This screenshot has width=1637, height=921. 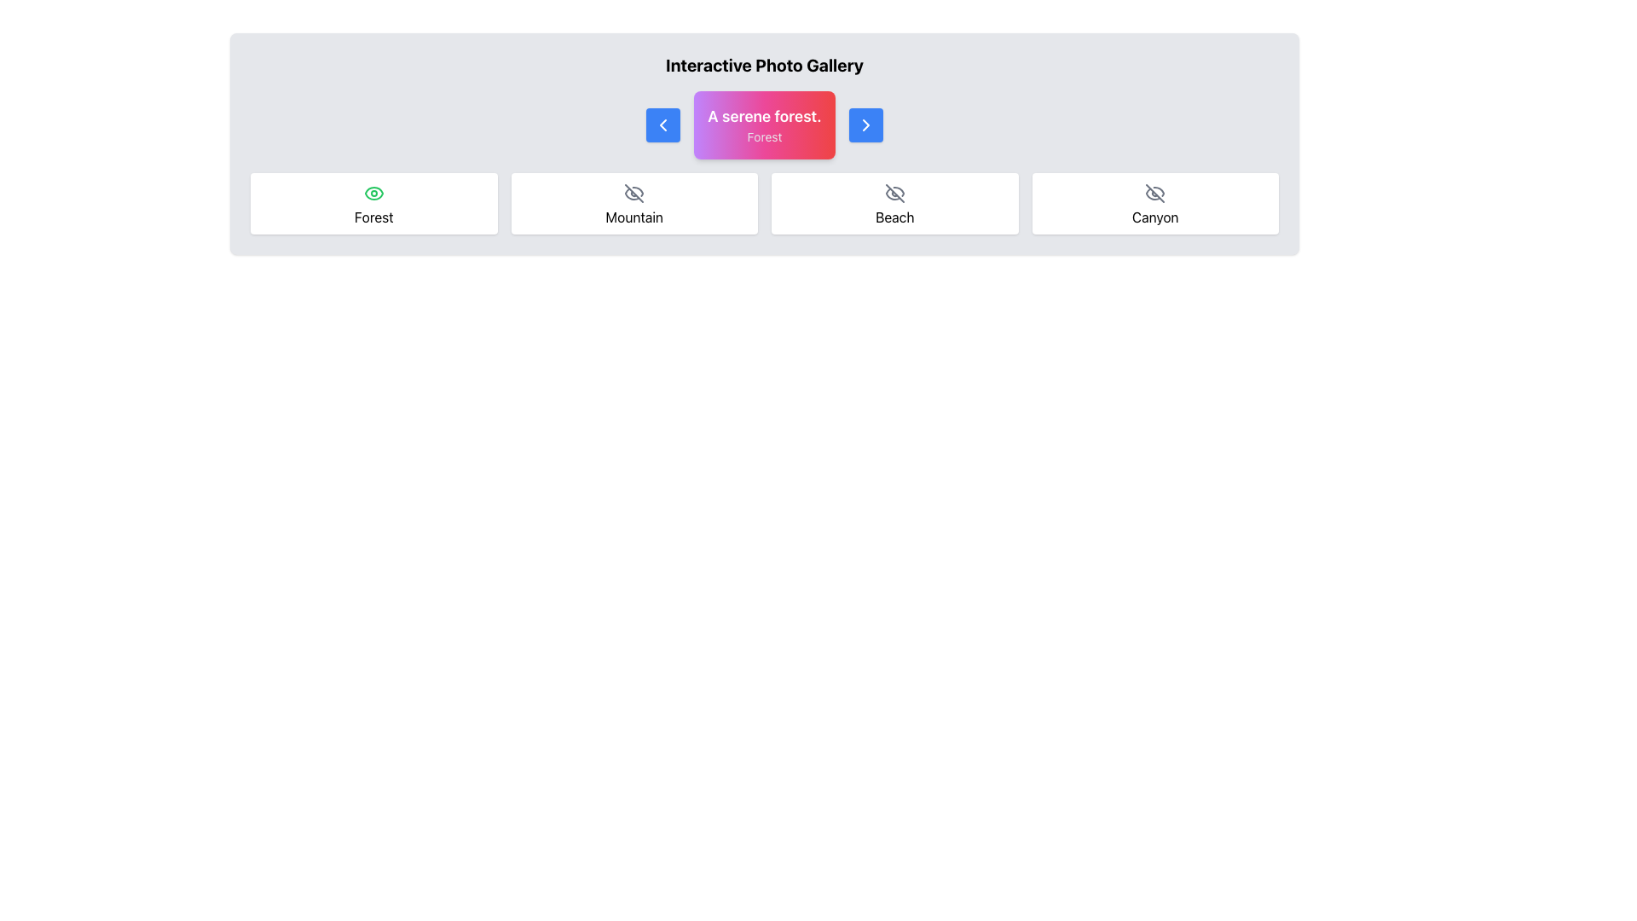 I want to click on the left-pointing chevron button that navigates to the previous item in the gallery, so click(x=662, y=124).